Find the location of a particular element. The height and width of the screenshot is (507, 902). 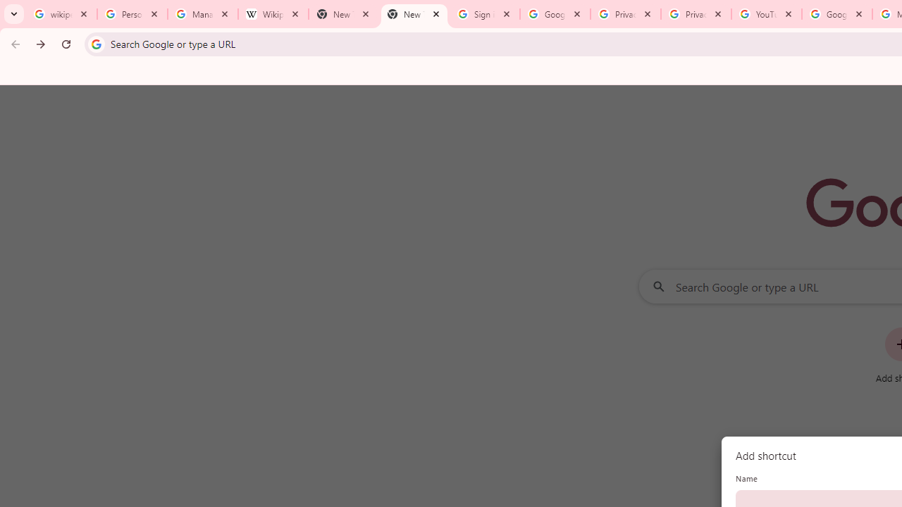

'Sign in - Google Accounts' is located at coordinates (485, 14).